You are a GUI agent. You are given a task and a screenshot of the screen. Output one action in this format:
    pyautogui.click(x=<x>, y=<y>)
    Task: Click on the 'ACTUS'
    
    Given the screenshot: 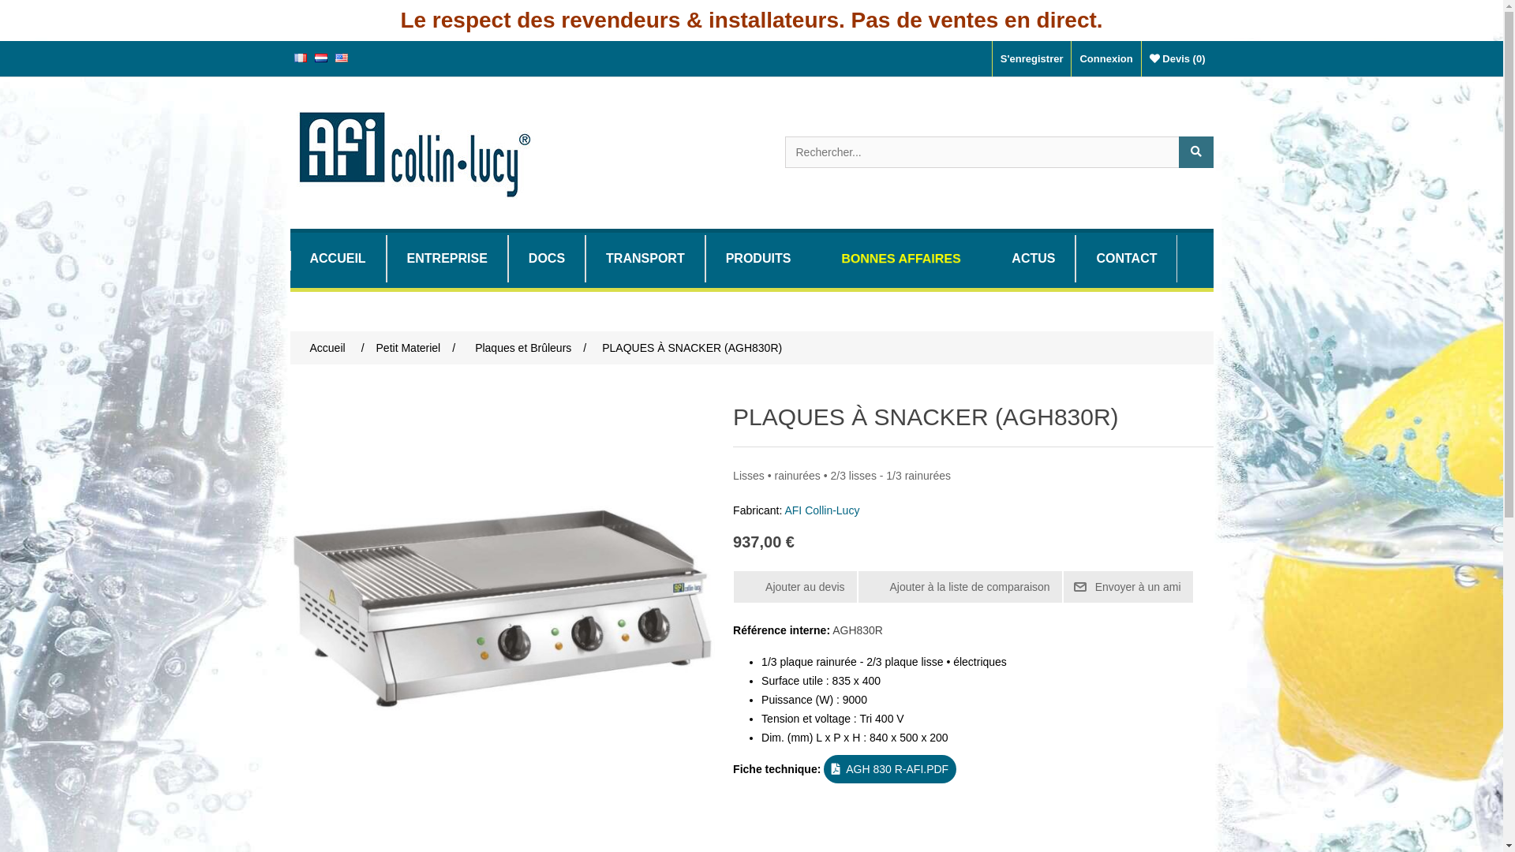 What is the action you would take?
    pyautogui.click(x=1033, y=257)
    